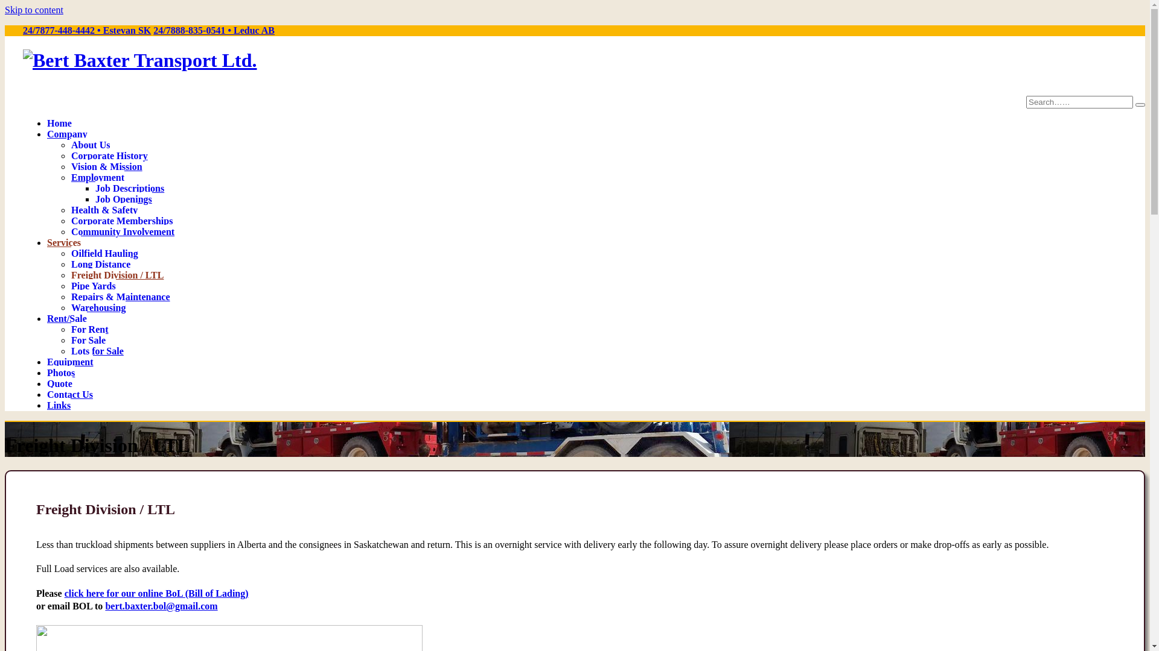  What do you see at coordinates (71, 306) in the screenshot?
I see `'Warehousing'` at bounding box center [71, 306].